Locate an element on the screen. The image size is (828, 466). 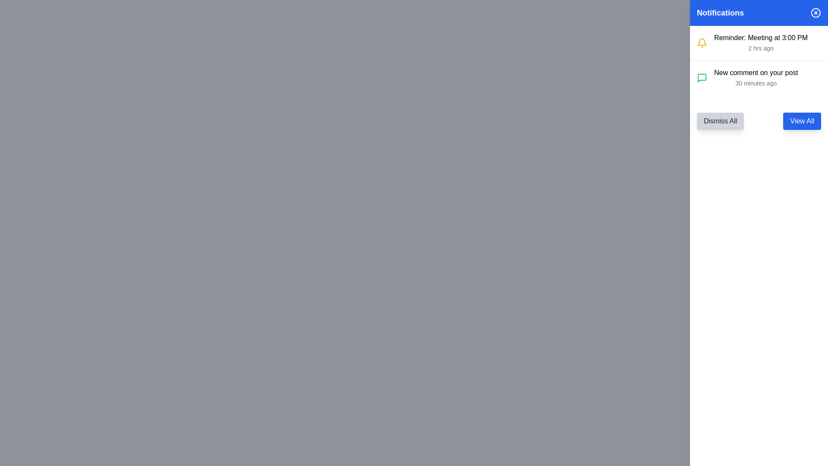
second notification about a new comment on the user's post, which is positioned below the 'Reminder: Meeting at 3:00 PM' notification and features a green speech bubble icon is located at coordinates (756, 78).